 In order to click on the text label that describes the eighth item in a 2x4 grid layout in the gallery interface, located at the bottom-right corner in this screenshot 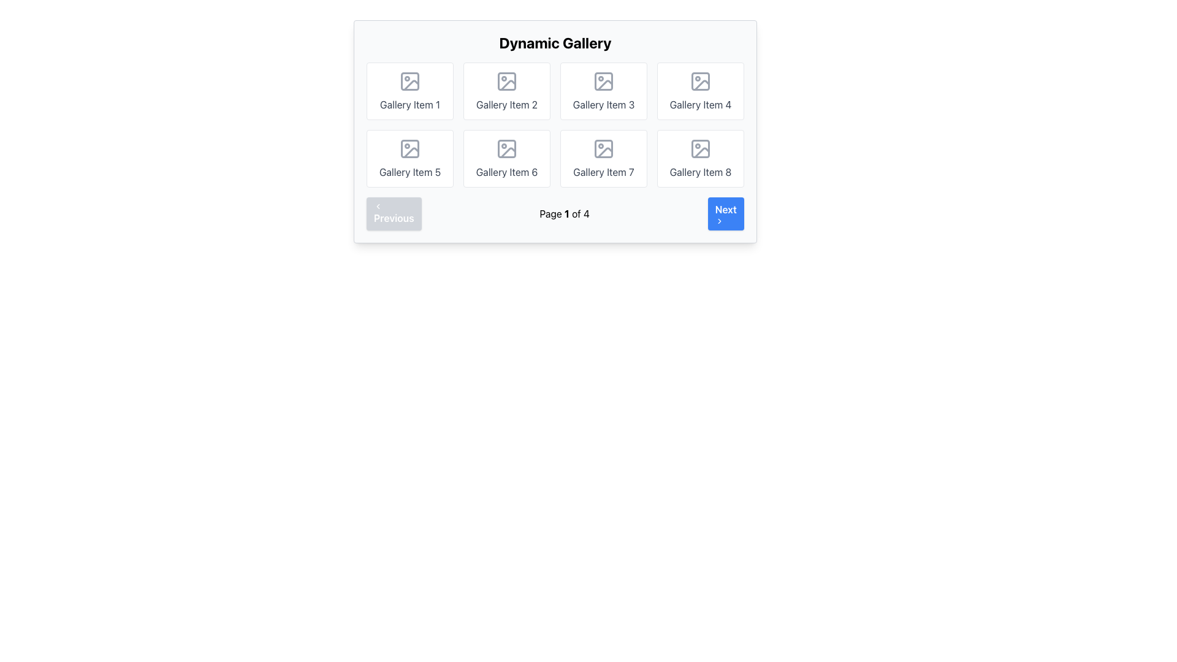, I will do `click(700, 172)`.